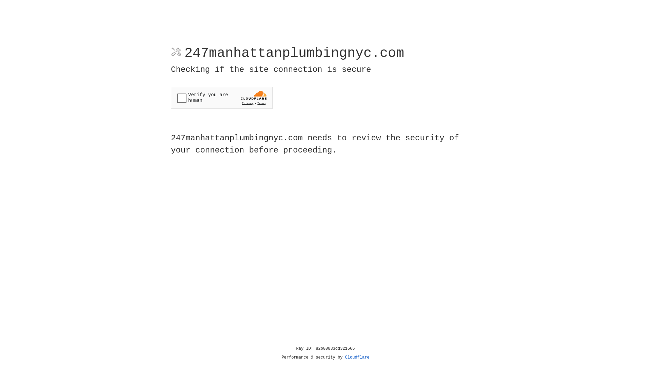 This screenshot has height=366, width=651. What do you see at coordinates (221, 98) in the screenshot?
I see `'Widget containing a Cloudflare security challenge'` at bounding box center [221, 98].